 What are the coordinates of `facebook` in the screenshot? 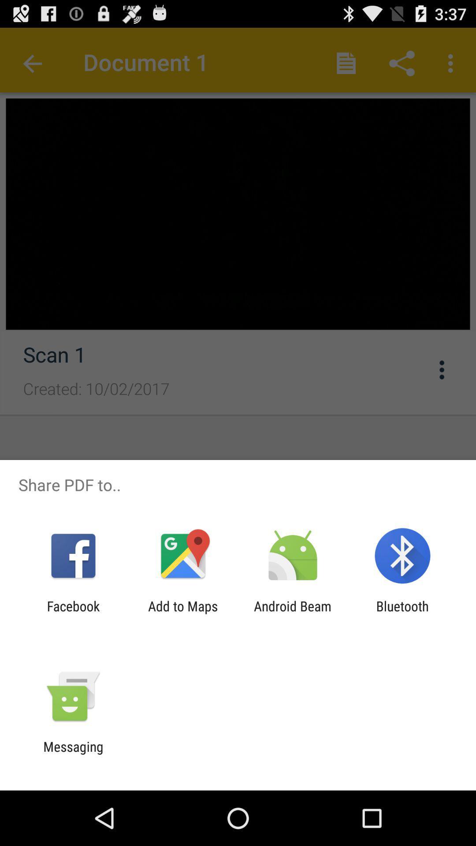 It's located at (73, 613).